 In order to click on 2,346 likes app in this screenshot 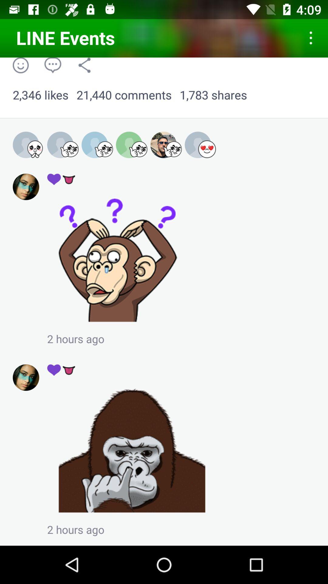, I will do `click(40, 95)`.